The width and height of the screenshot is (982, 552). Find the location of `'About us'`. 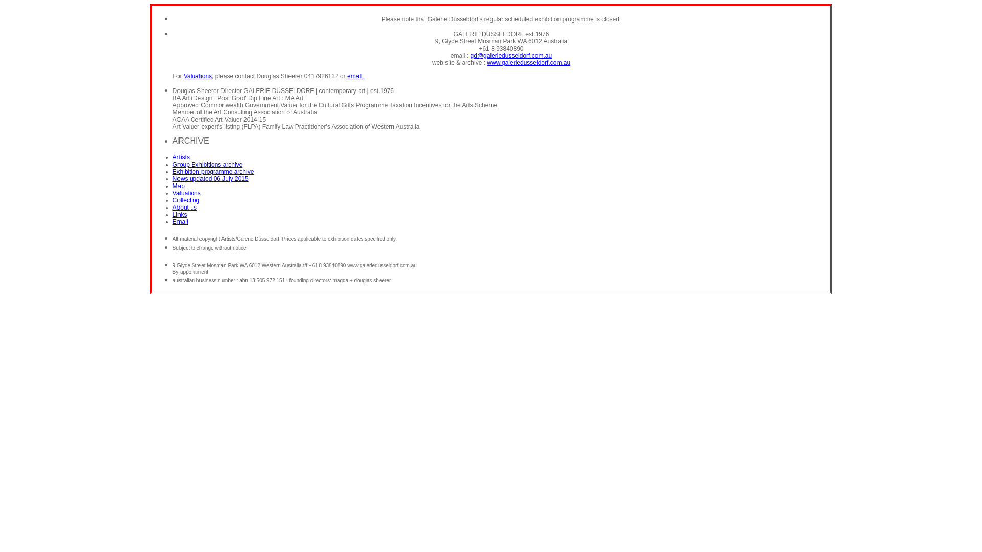

'About us' is located at coordinates (185, 207).